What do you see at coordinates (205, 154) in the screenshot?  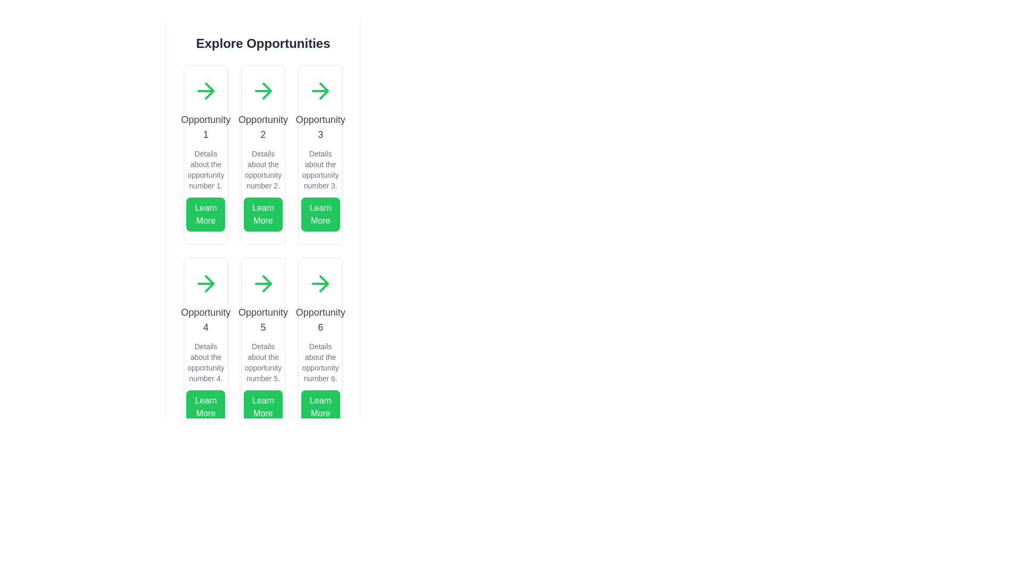 I see `the first opportunity card located at the top-left corner of the grid layout` at bounding box center [205, 154].